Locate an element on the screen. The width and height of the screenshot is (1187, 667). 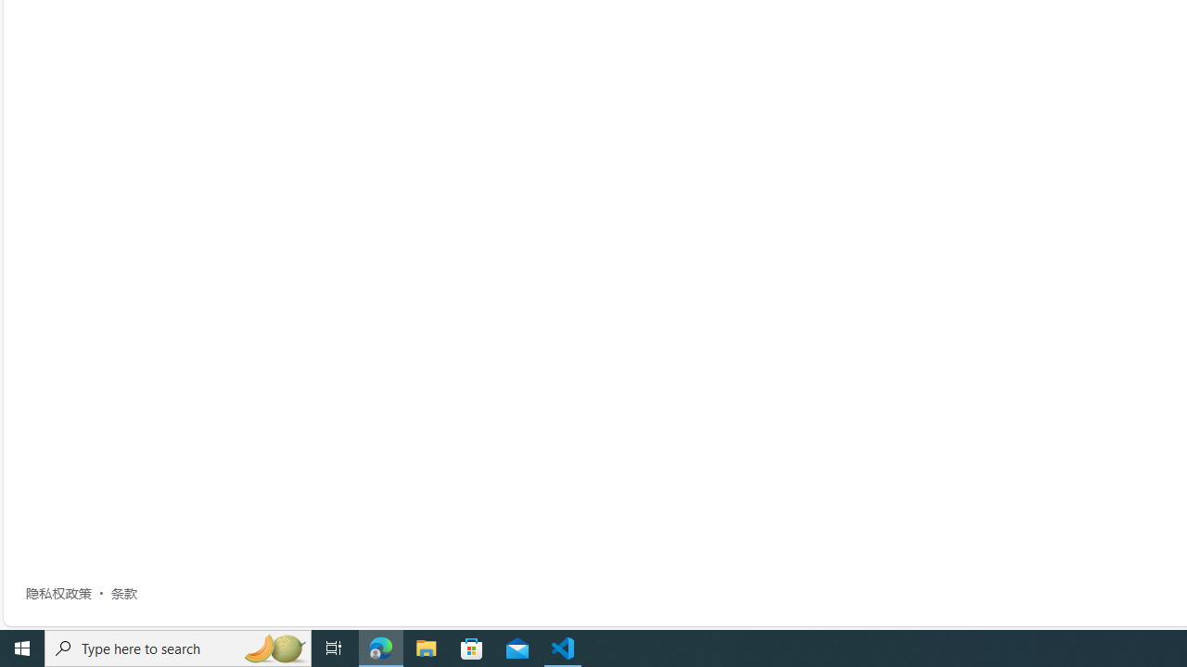
'Microsoft Edge - 1 running window' is located at coordinates (380, 647).